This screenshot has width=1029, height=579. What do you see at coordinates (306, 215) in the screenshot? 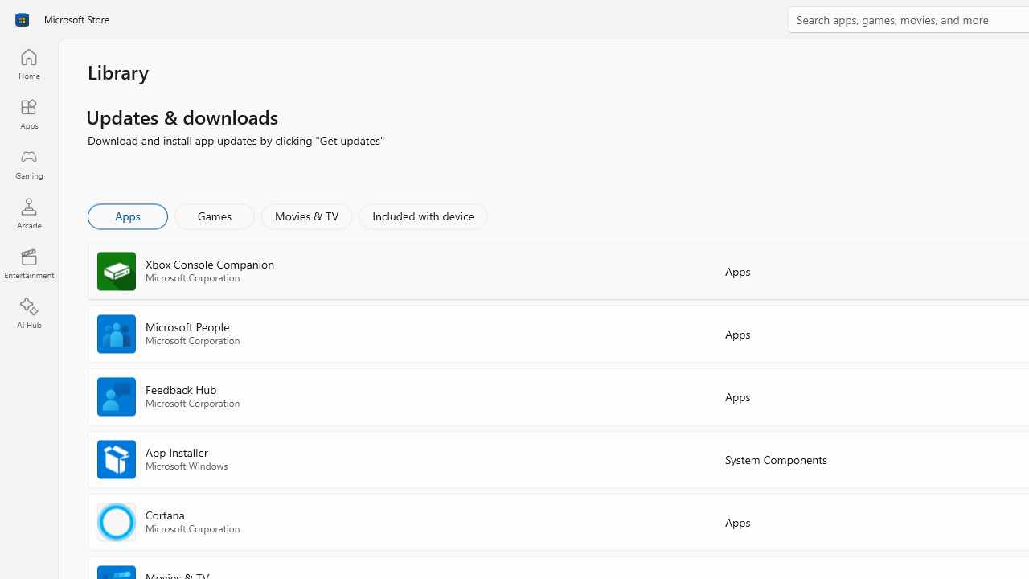
I see `'Movies & TV'` at bounding box center [306, 215].